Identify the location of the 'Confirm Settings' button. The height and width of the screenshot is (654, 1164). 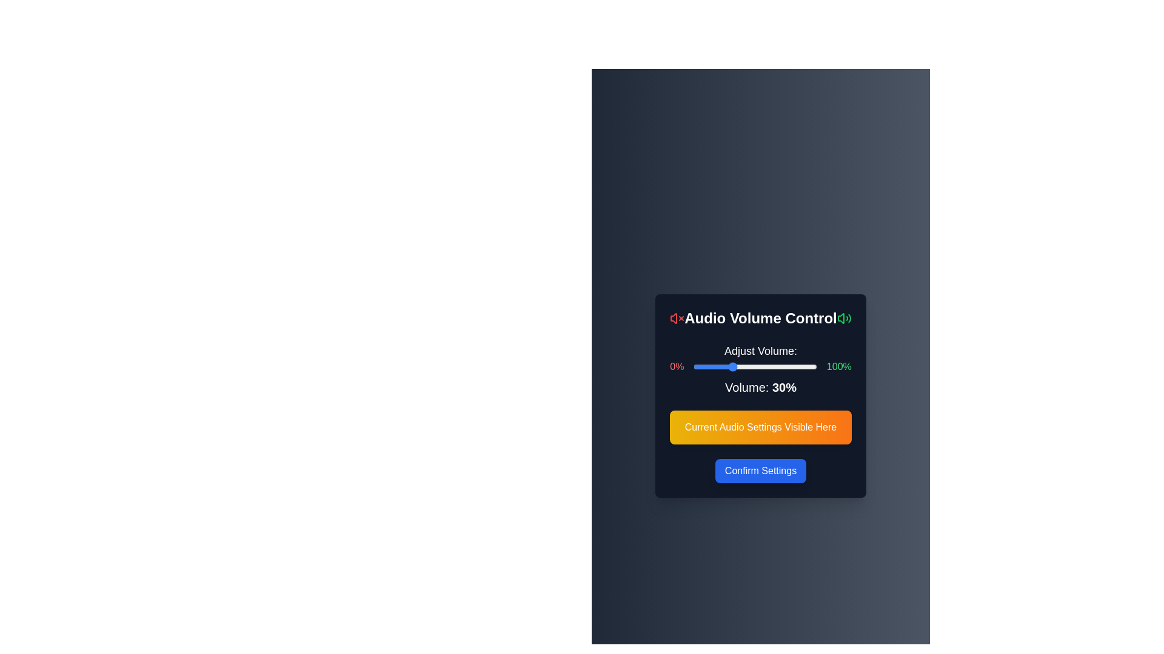
(760, 471).